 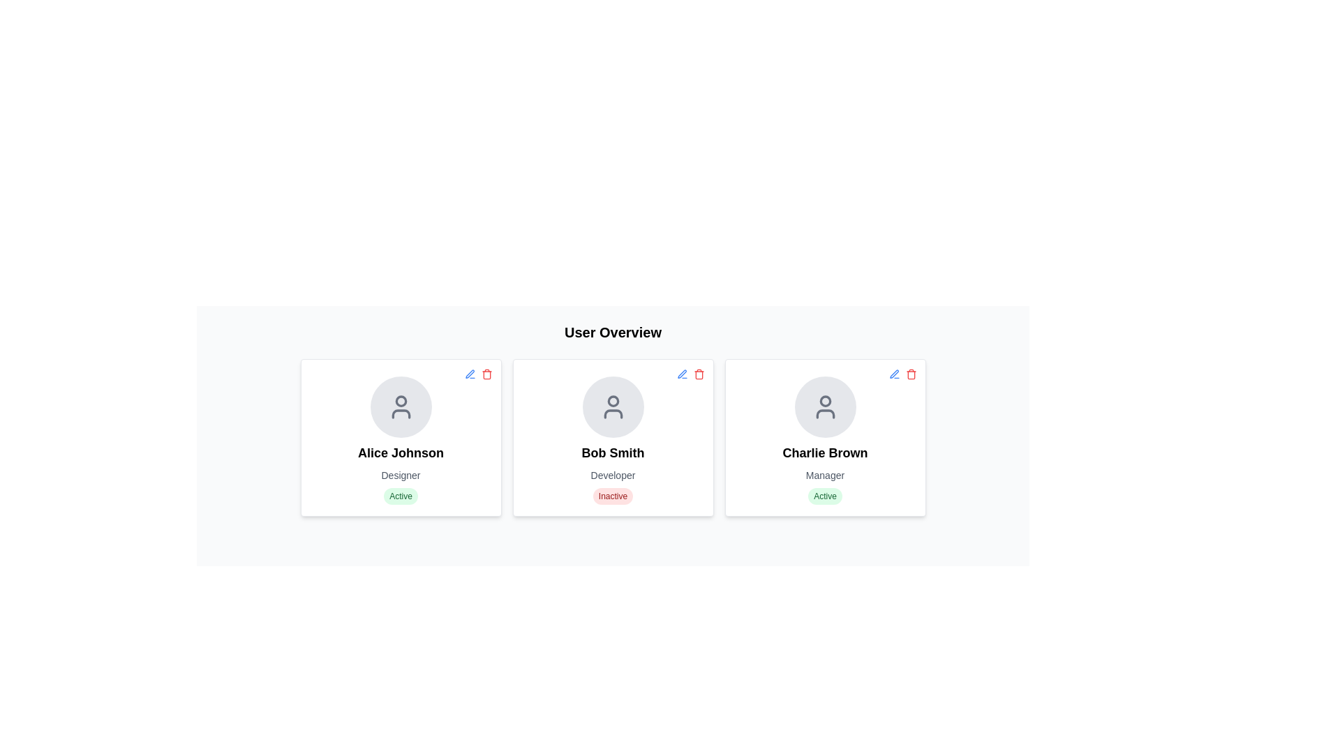 I want to click on the 'Active' badge with a green background and rounded borders, located below the 'Designer' text in the 'User Overview' section for 'Alice Johnson', so click(x=400, y=496).